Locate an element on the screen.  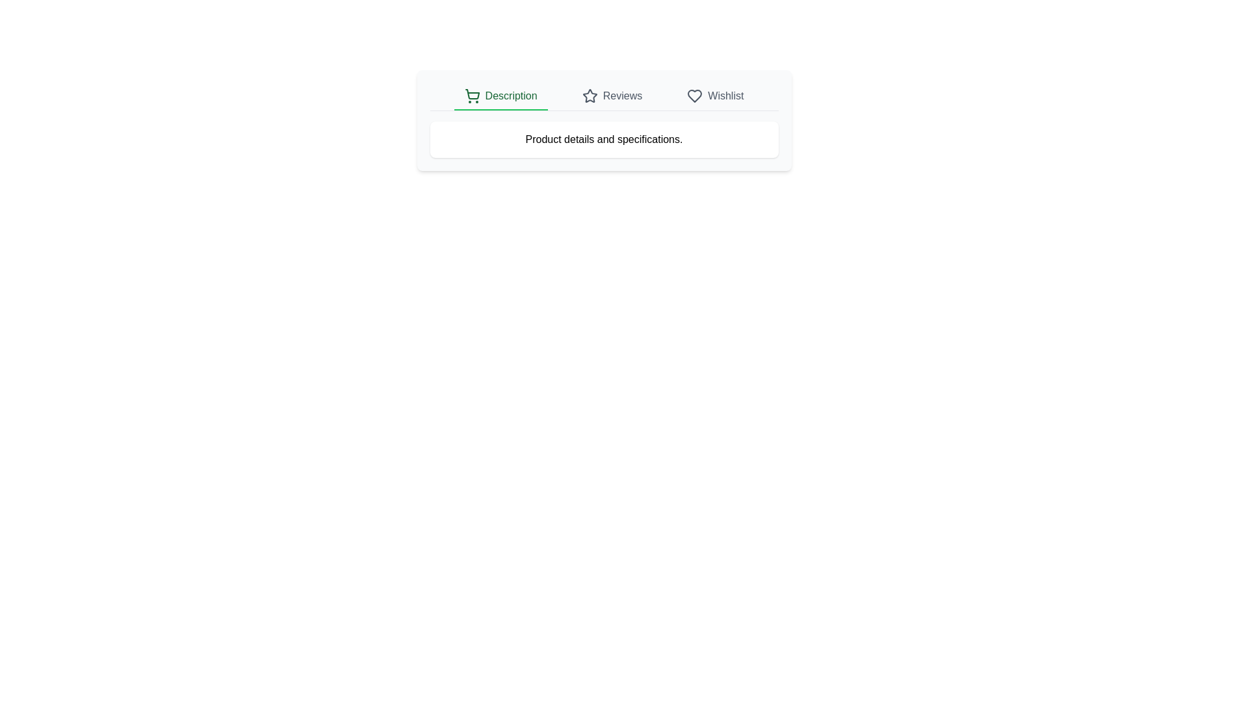
the tab labeled Reviews to observe its hover effect is located at coordinates (611, 96).